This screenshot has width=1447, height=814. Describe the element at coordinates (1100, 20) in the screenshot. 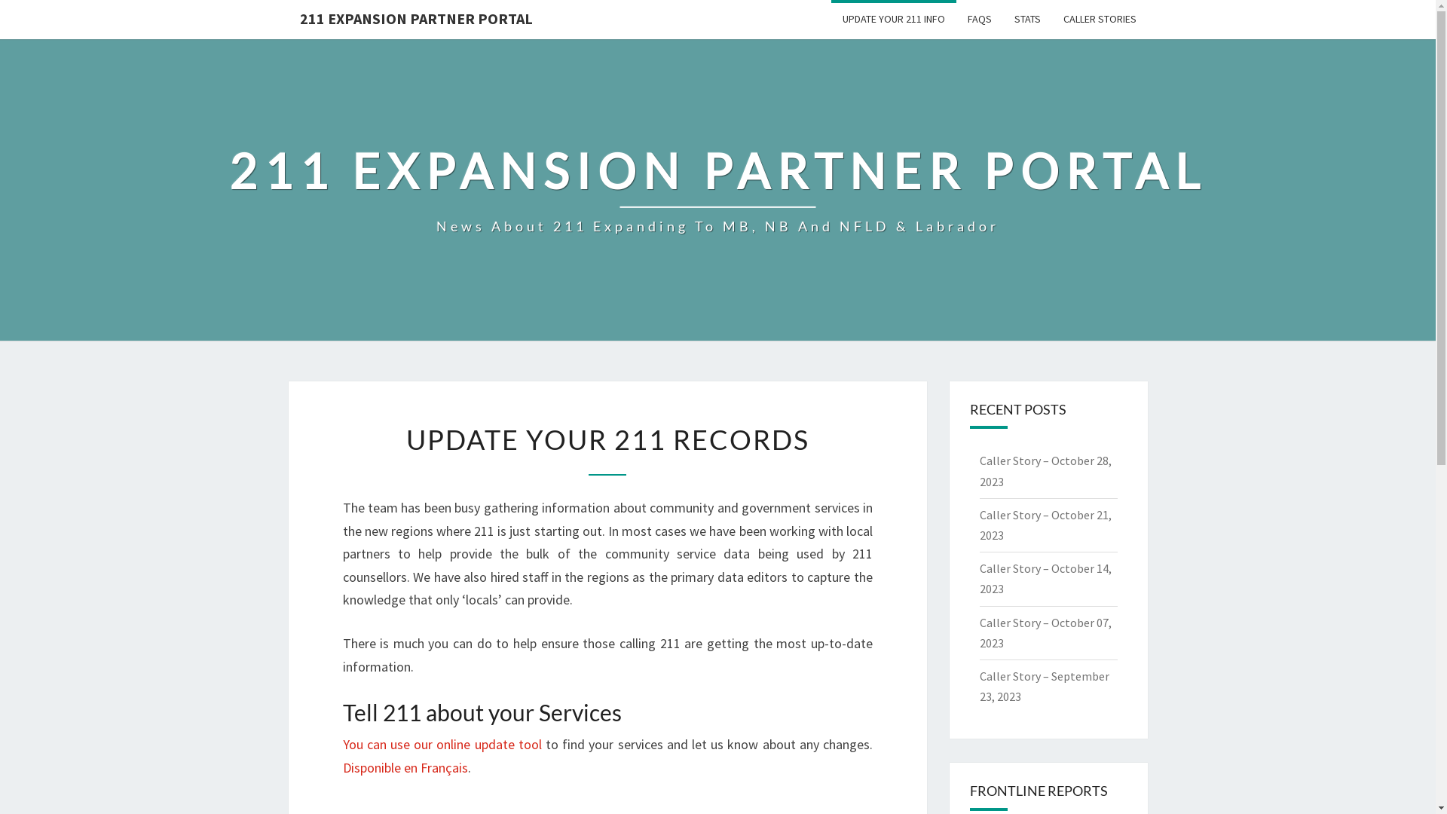

I see `'CALLER STORIES'` at that location.